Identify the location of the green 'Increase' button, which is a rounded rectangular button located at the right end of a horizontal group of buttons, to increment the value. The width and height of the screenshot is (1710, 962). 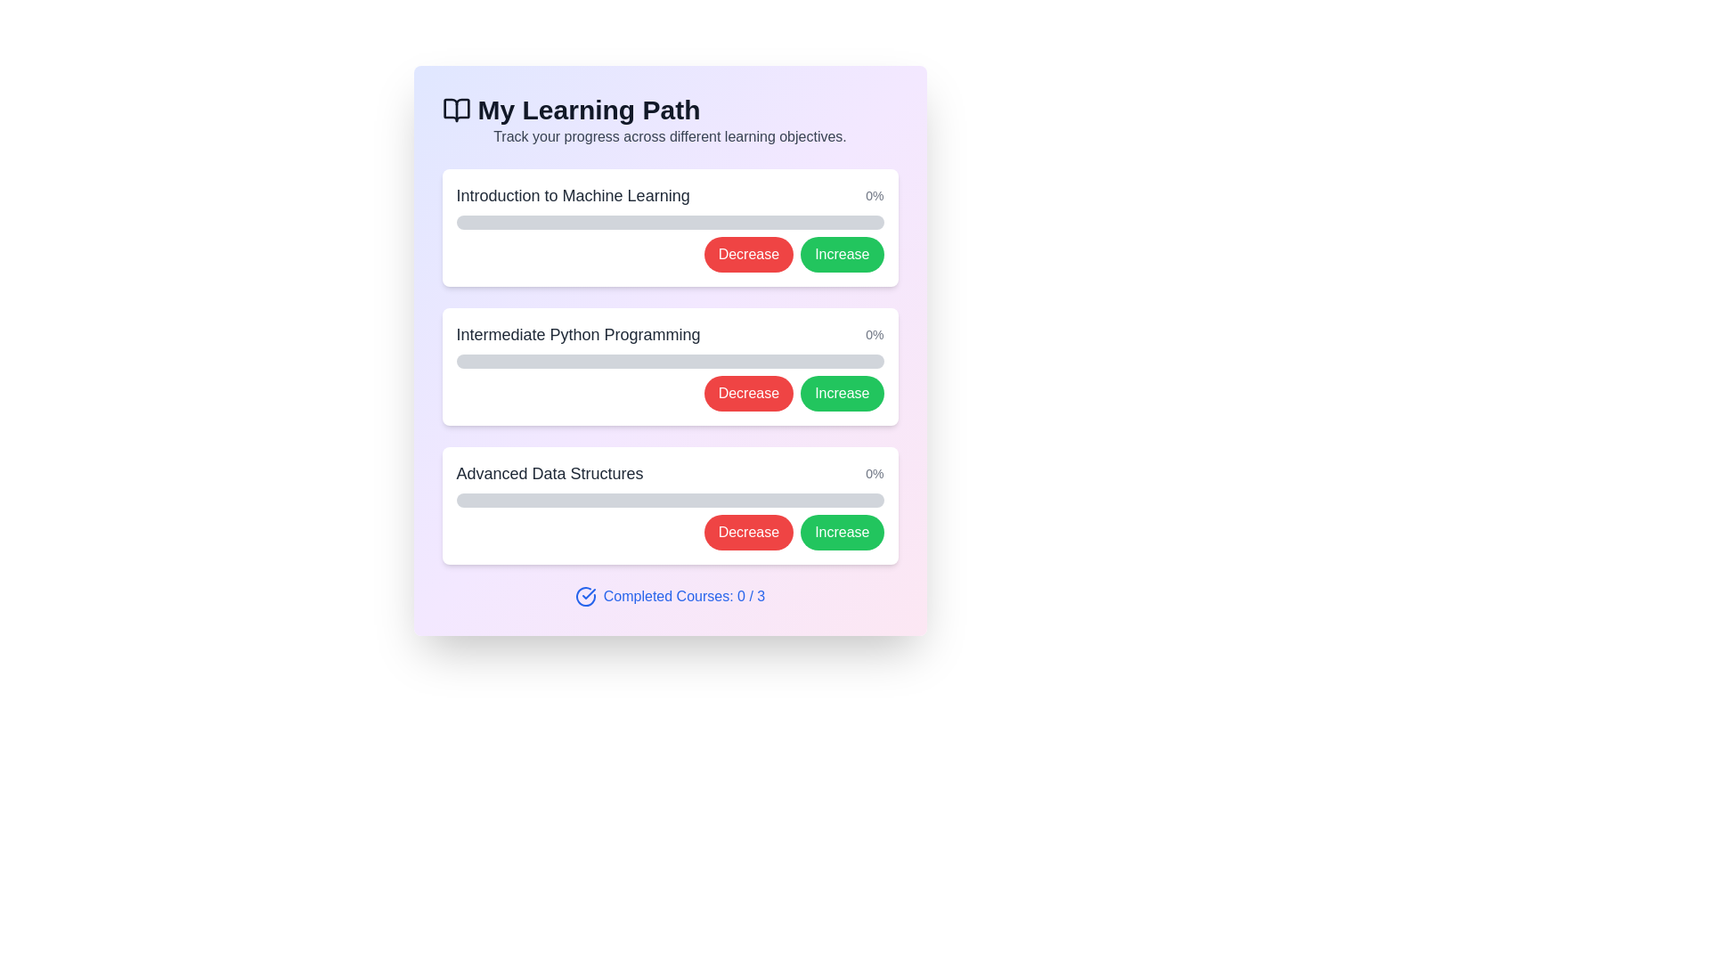
(841, 254).